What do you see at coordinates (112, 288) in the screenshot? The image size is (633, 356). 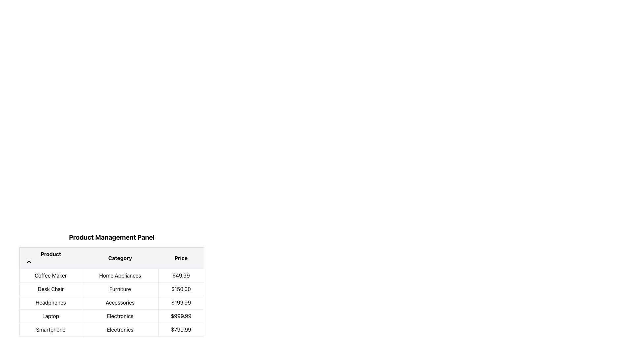 I see `the second row of the table in the 'Product Management Panel'` at bounding box center [112, 288].